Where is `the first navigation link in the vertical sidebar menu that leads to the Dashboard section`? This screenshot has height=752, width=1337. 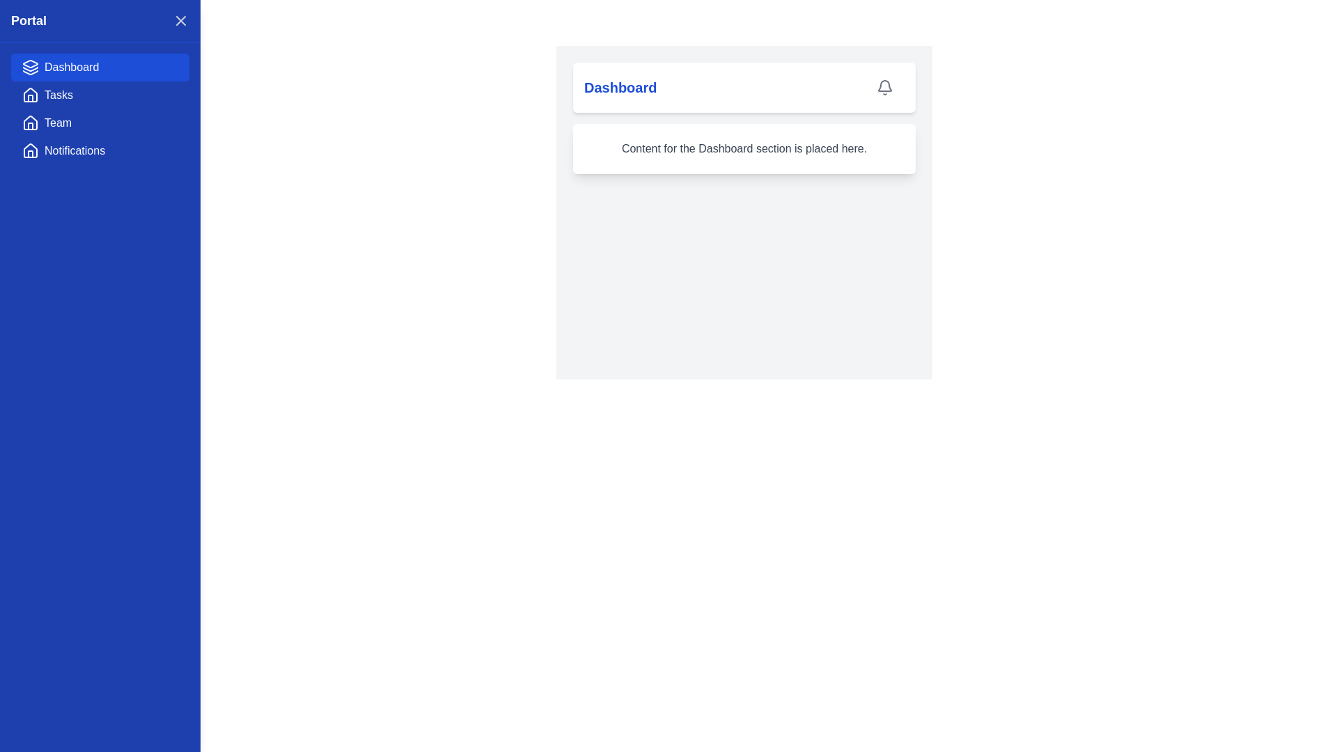
the first navigation link in the vertical sidebar menu that leads to the Dashboard section is located at coordinates (100, 67).